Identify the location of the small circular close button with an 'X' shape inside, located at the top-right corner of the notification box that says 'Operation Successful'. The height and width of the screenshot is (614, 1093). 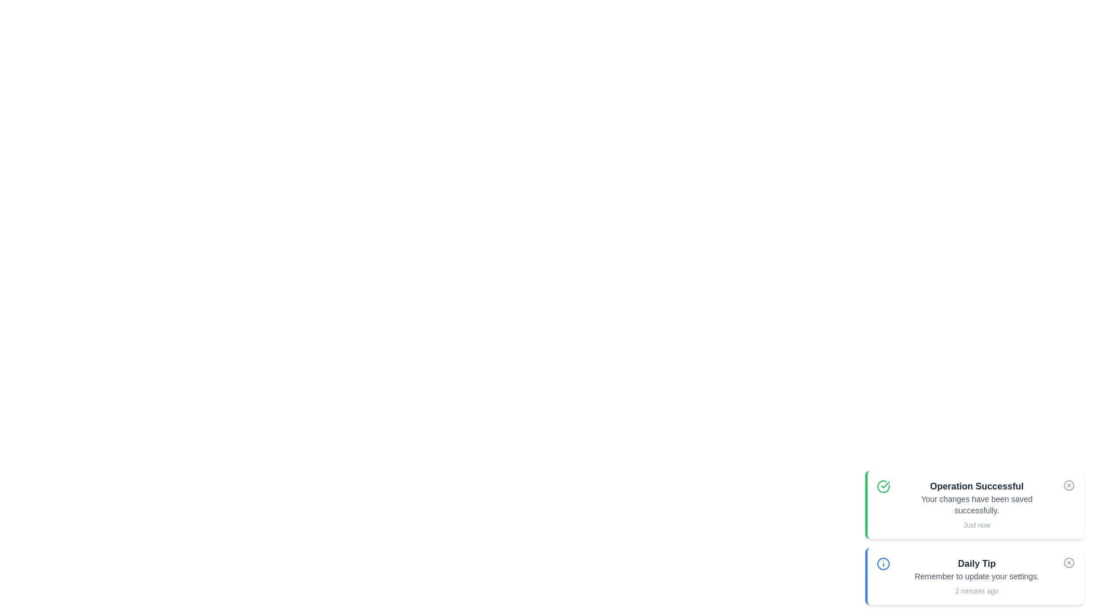
(1068, 485).